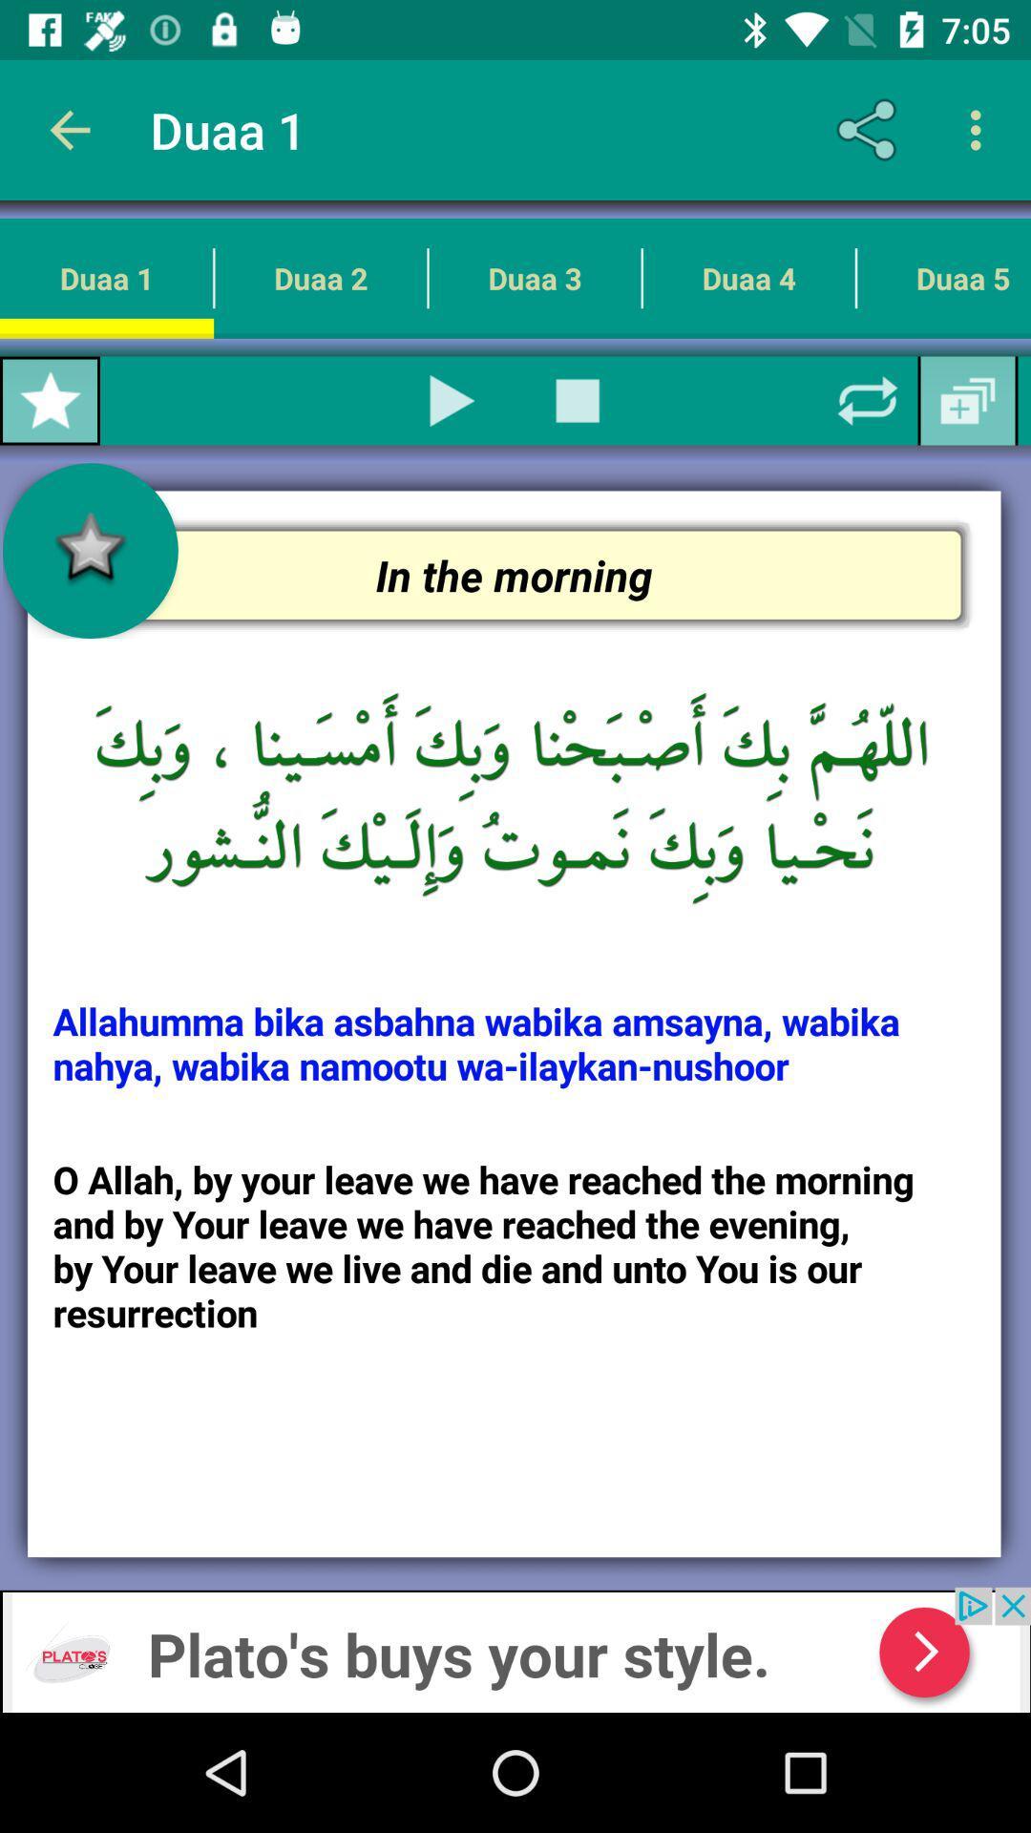 Image resolution: width=1031 pixels, height=1833 pixels. Describe the element at coordinates (577, 400) in the screenshot. I see `item next to the duaa 4 app` at that location.